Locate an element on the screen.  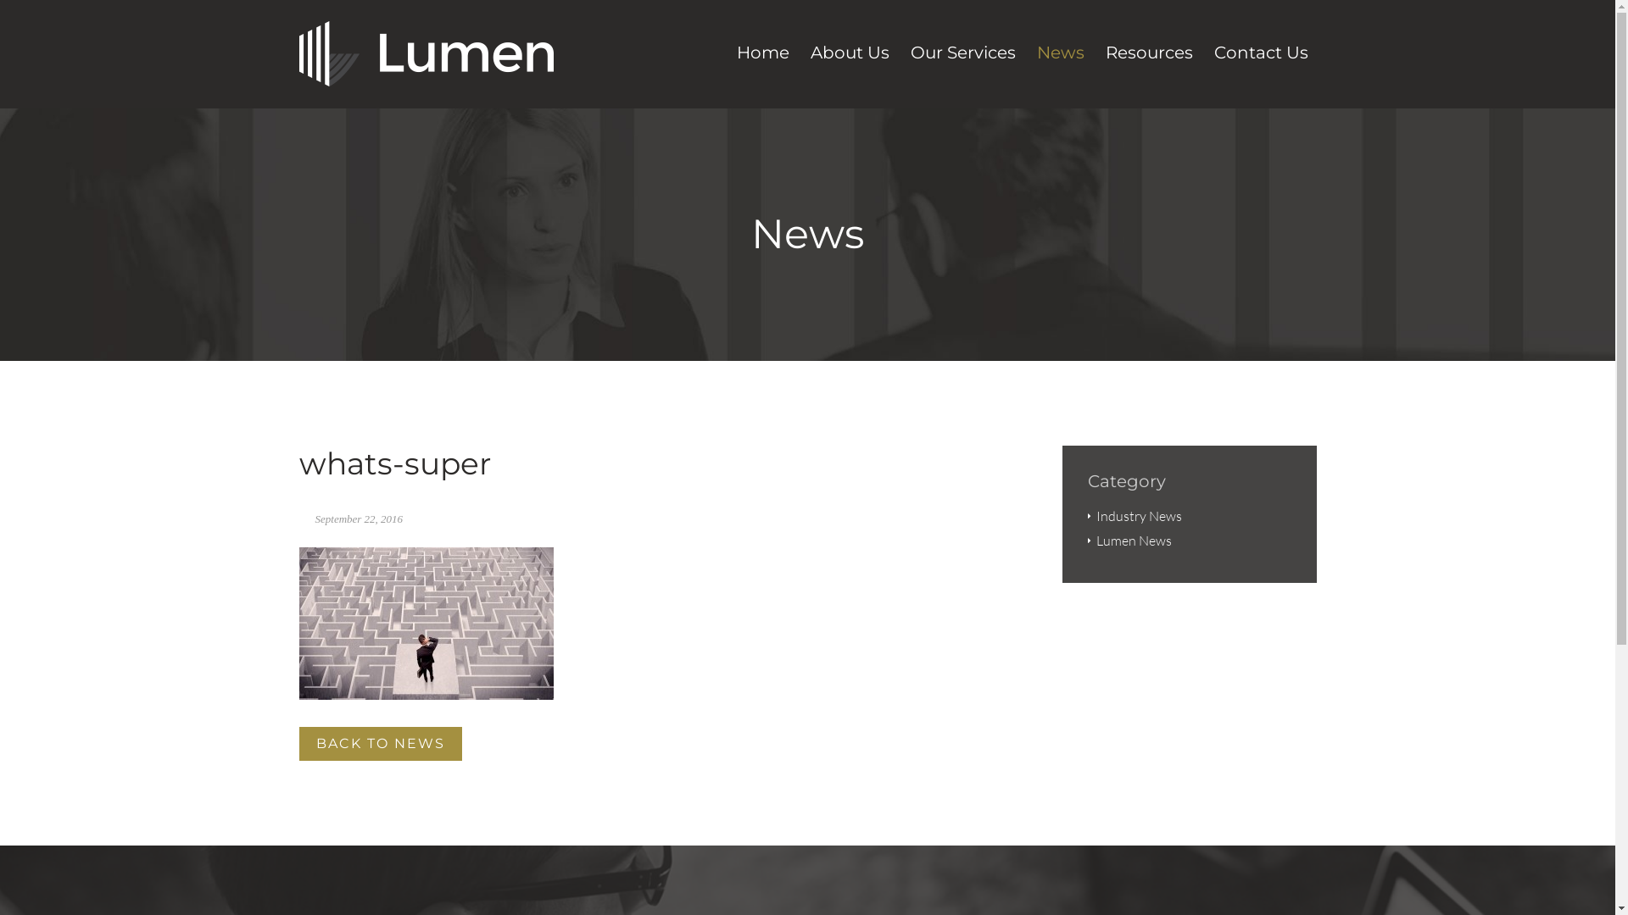
'Contact Us' is located at coordinates (1261, 55).